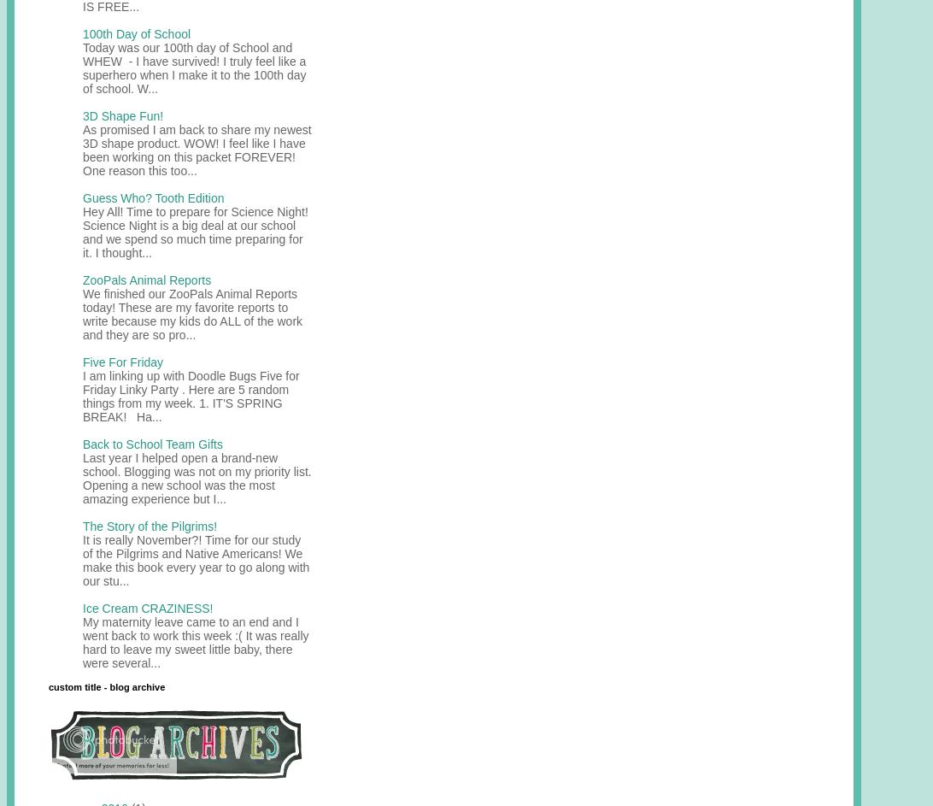 This screenshot has height=806, width=933. What do you see at coordinates (82, 197) in the screenshot?
I see `'Guess Who? Tooth Edition'` at bounding box center [82, 197].